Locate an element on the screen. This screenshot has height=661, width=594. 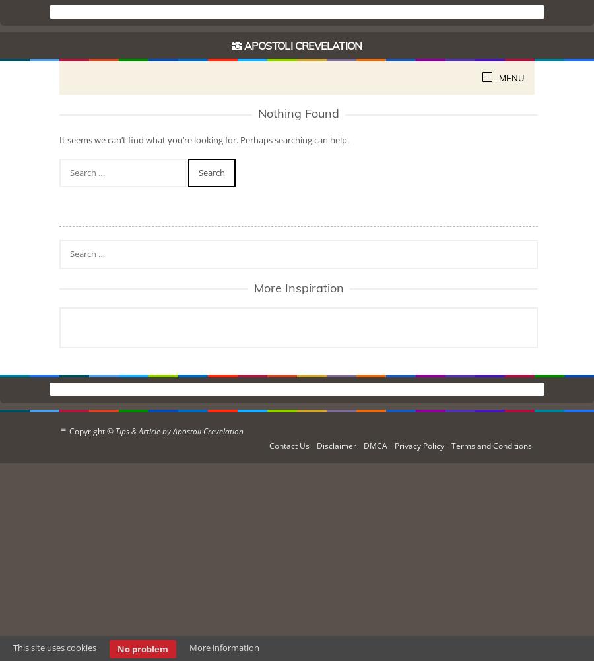
'Terms and Conditions' is located at coordinates (451, 445).